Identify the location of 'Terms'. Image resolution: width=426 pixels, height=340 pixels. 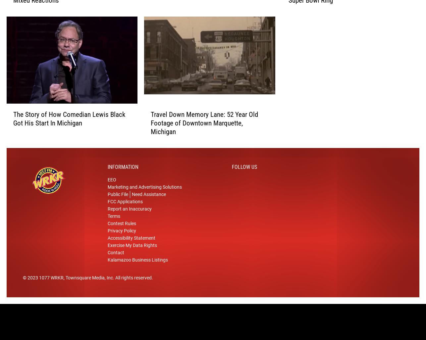
(114, 223).